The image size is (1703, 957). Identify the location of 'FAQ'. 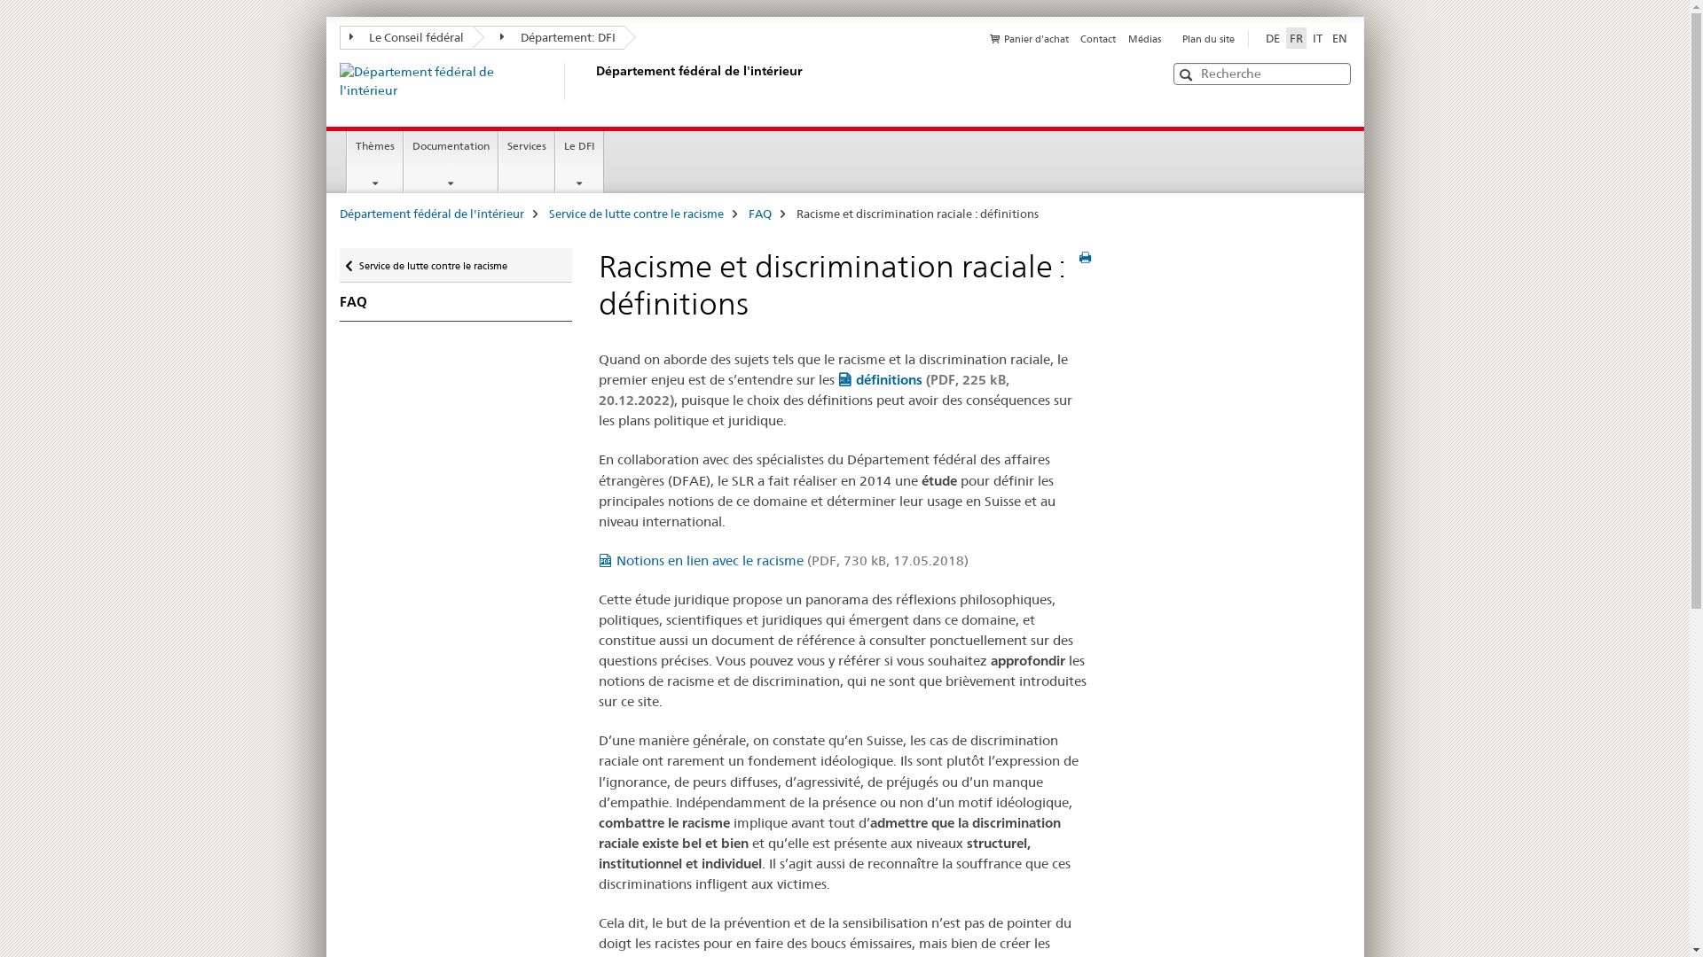
(455, 300).